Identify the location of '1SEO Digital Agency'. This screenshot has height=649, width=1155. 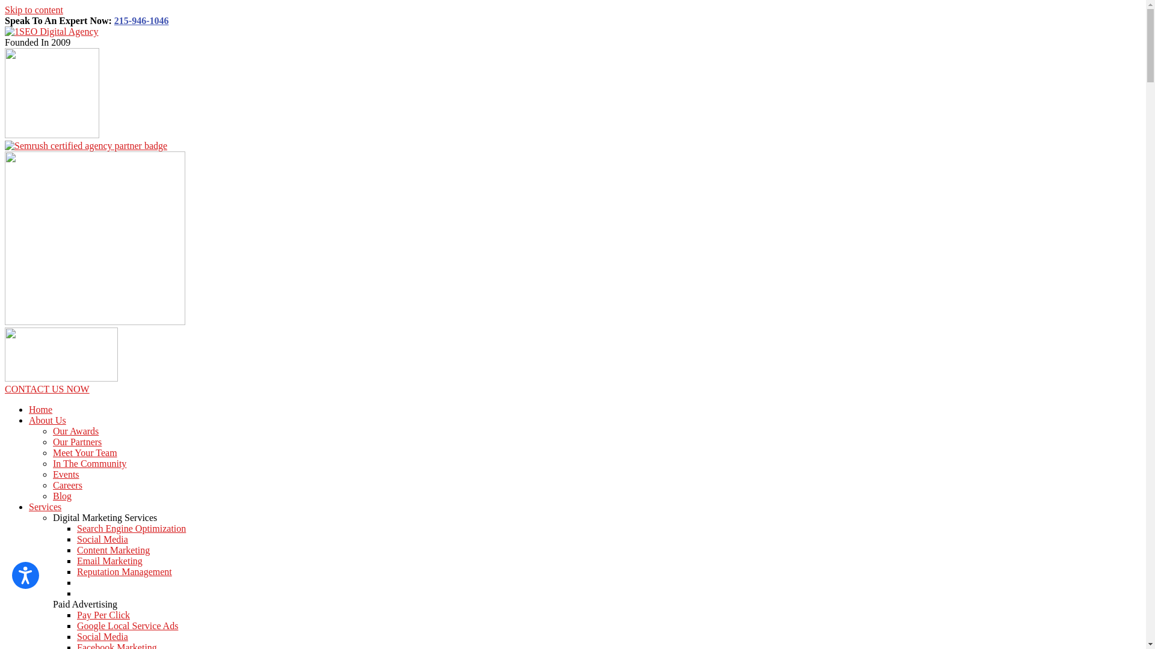
(5, 31).